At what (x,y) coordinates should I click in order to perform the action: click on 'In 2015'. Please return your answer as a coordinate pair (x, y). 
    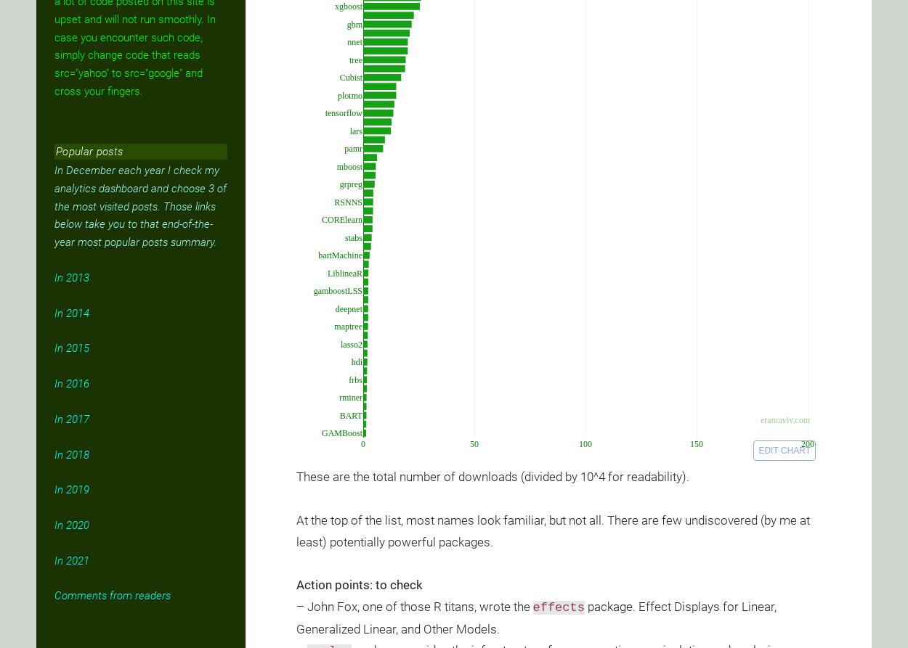
    Looking at the image, I should click on (54, 347).